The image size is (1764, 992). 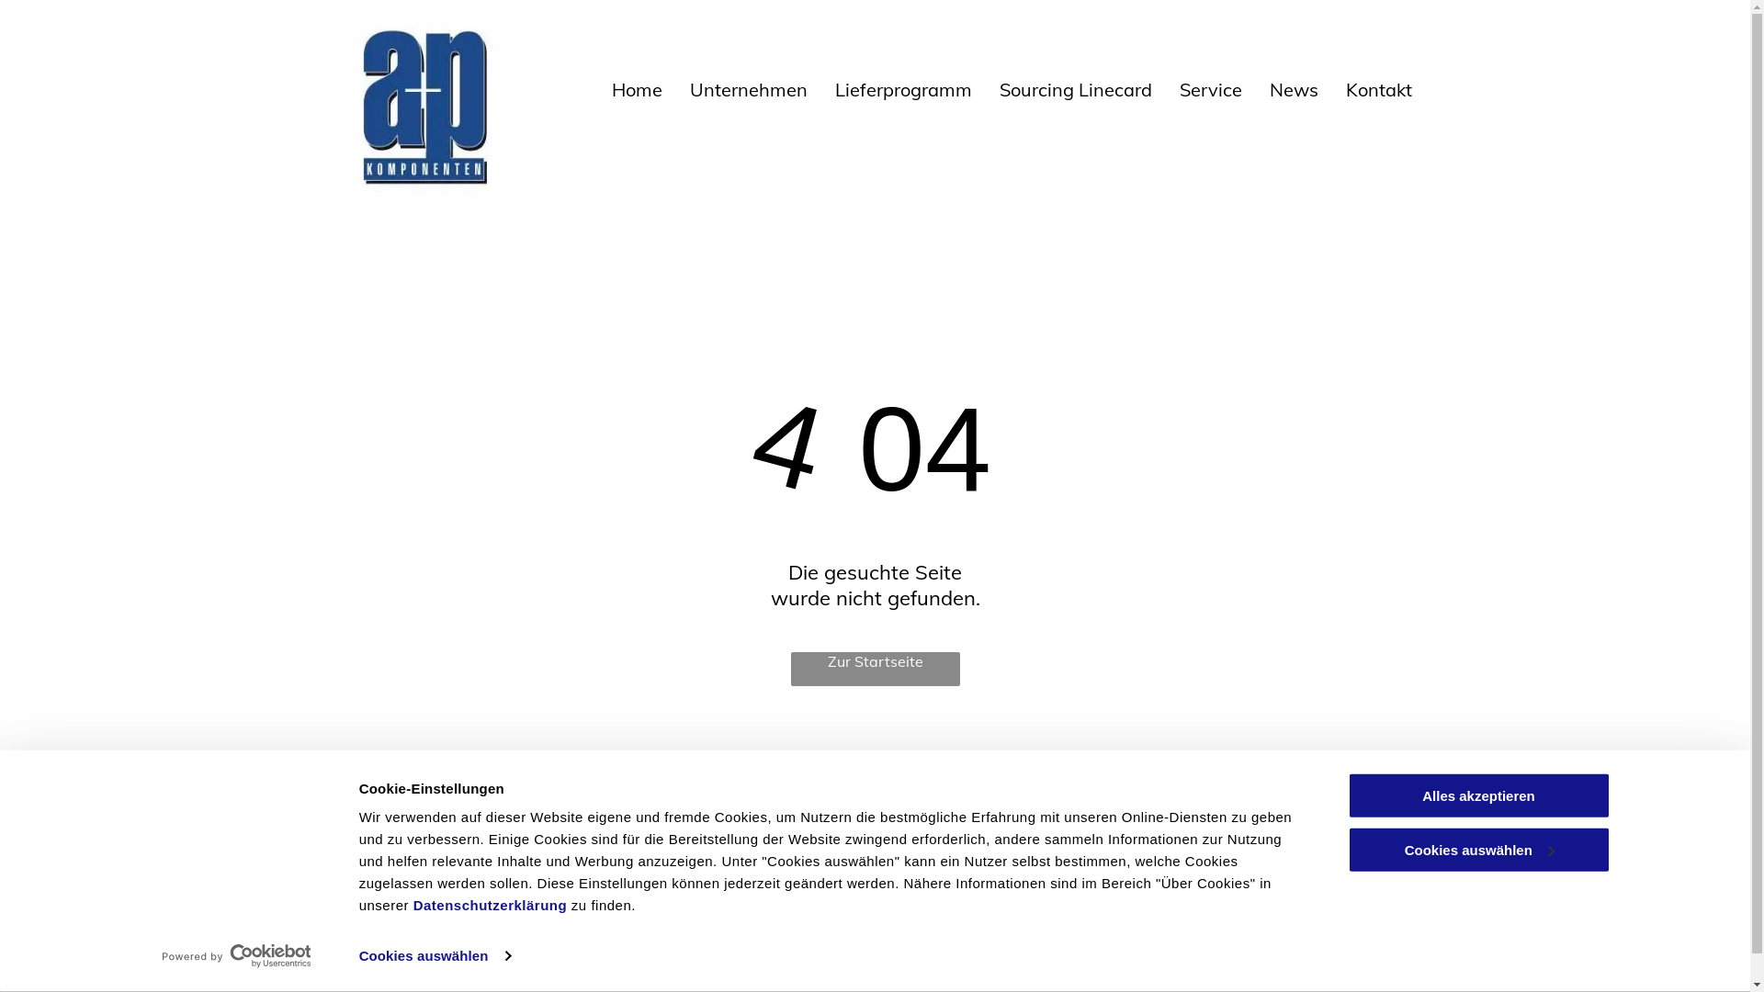 What do you see at coordinates (1346, 795) in the screenshot?
I see `'Alles akzeptieren'` at bounding box center [1346, 795].